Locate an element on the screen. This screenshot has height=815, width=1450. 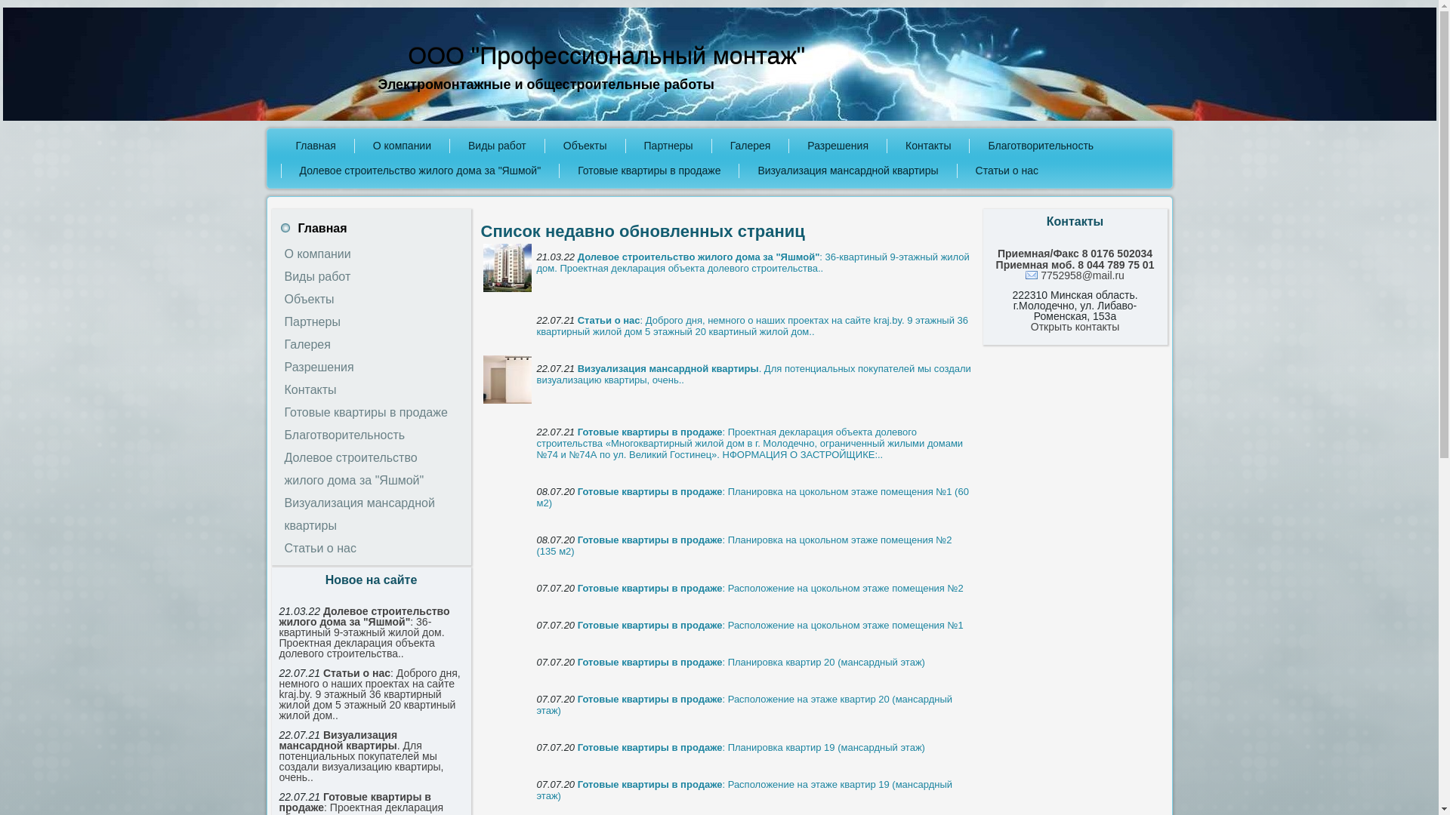
'7752958@mail.ru' is located at coordinates (1074, 275).